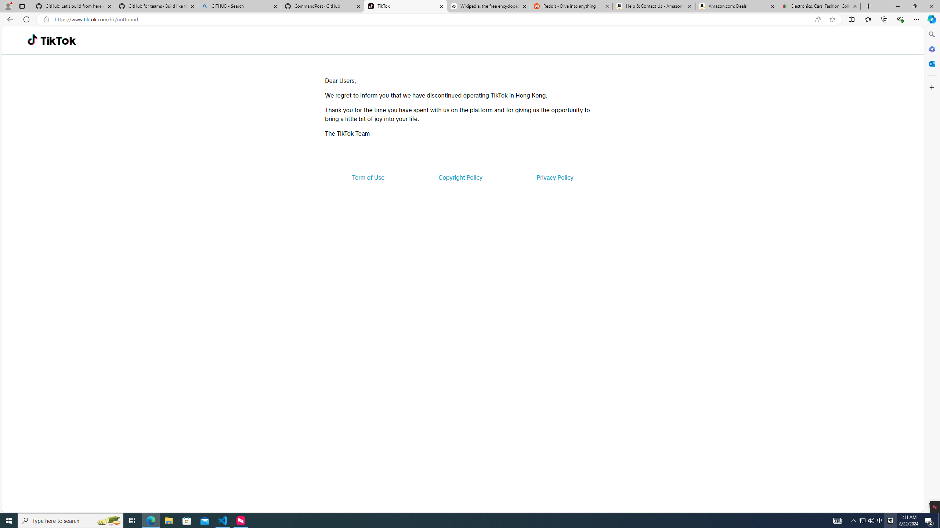 This screenshot has height=528, width=940. What do you see at coordinates (554, 177) in the screenshot?
I see `'Privacy Policy'` at bounding box center [554, 177].